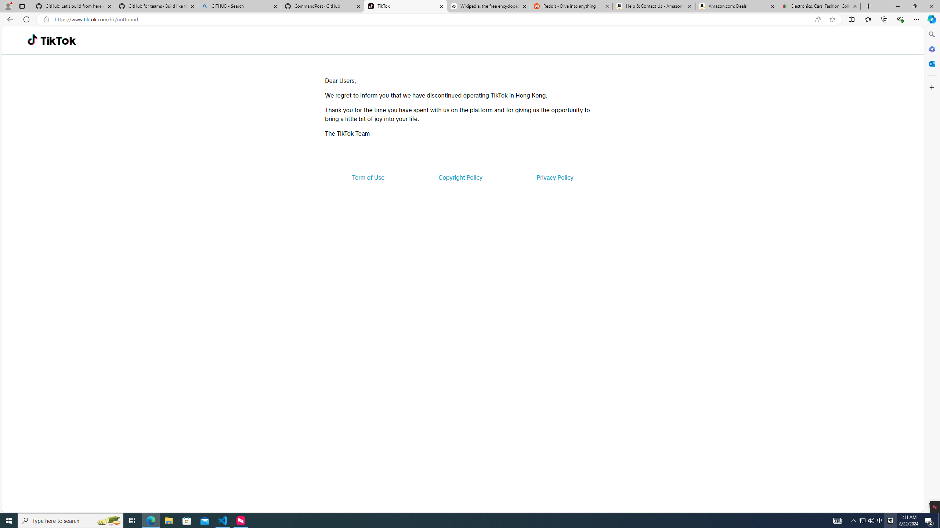 This screenshot has height=528, width=940. What do you see at coordinates (554, 177) in the screenshot?
I see `'Privacy Policy'` at bounding box center [554, 177].